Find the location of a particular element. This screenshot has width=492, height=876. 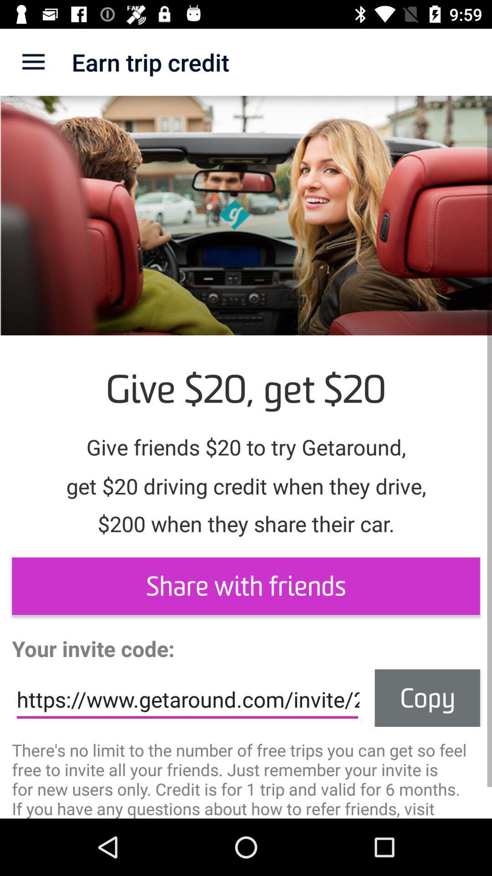

the item to the left of the copy is located at coordinates (187, 699).